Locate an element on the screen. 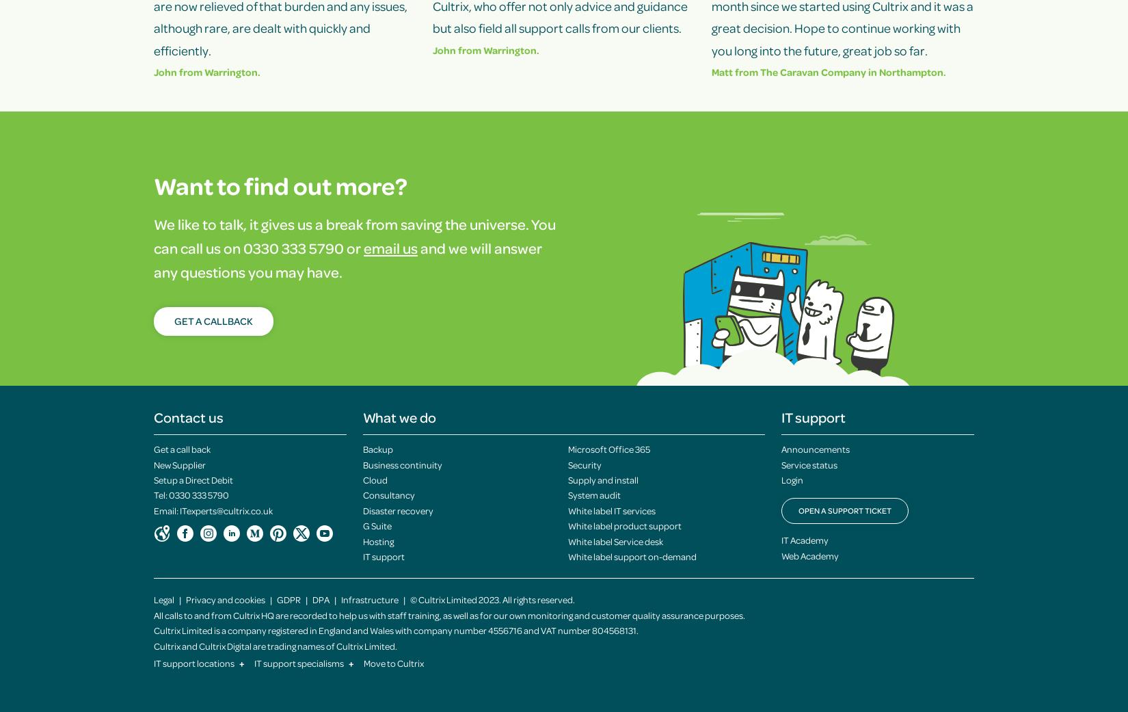 The image size is (1128, 712). 'in Northampton.' is located at coordinates (865, 70).